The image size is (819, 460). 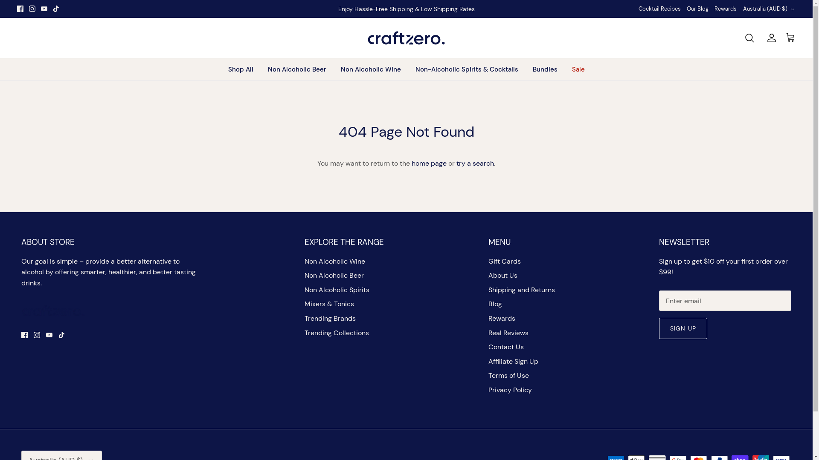 What do you see at coordinates (686, 9) in the screenshot?
I see `'Our Blog'` at bounding box center [686, 9].